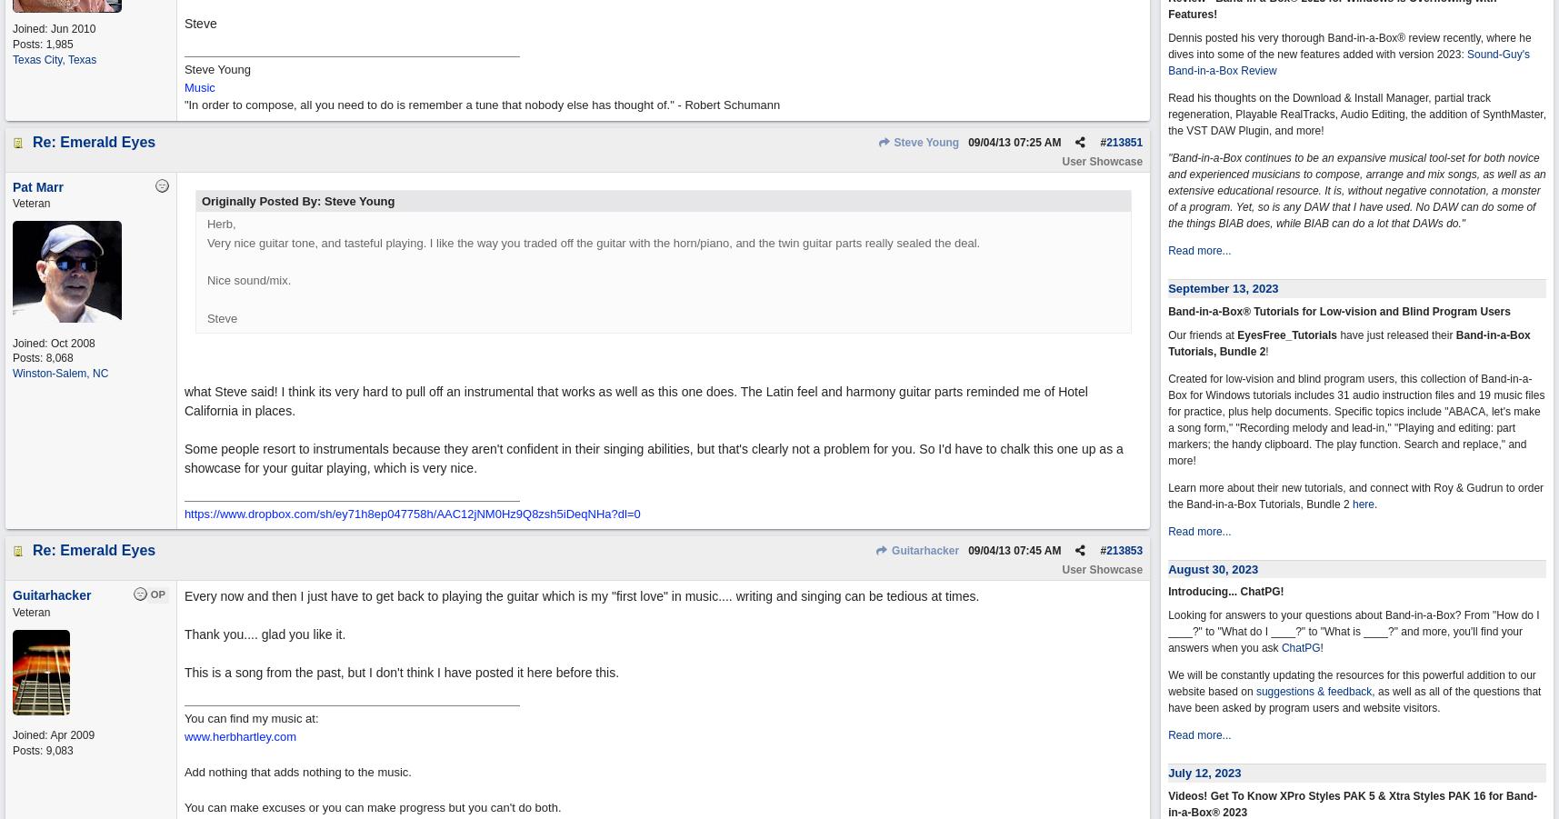  I want to click on 'Music', so click(199, 86).